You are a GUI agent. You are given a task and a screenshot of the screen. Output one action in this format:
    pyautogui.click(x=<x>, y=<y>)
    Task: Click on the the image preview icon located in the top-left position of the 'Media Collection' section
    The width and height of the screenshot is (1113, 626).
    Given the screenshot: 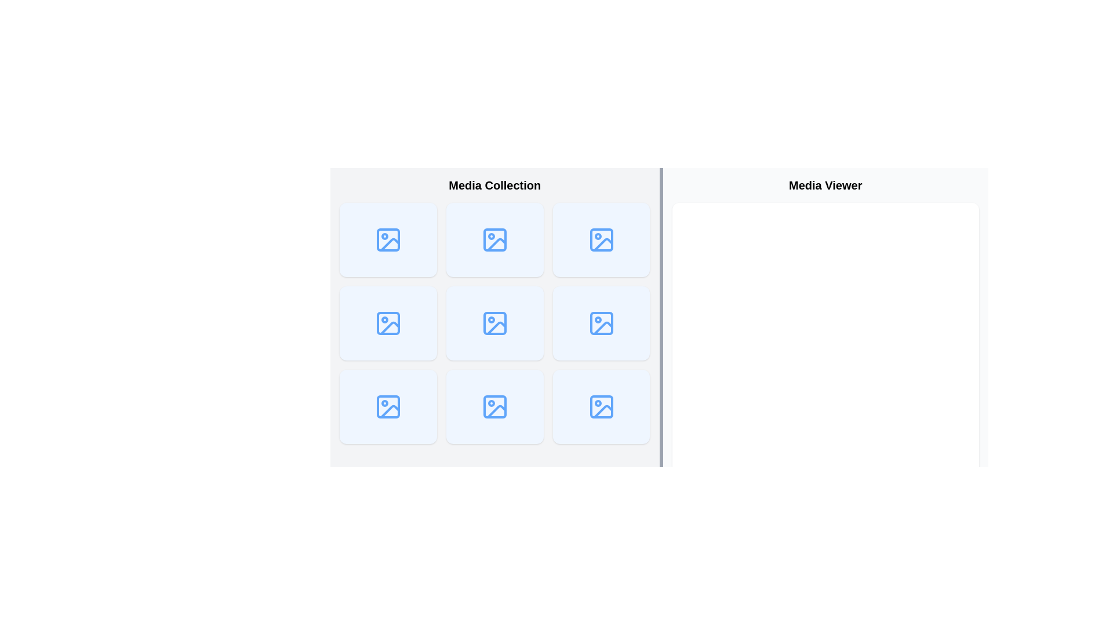 What is the action you would take?
    pyautogui.click(x=388, y=239)
    